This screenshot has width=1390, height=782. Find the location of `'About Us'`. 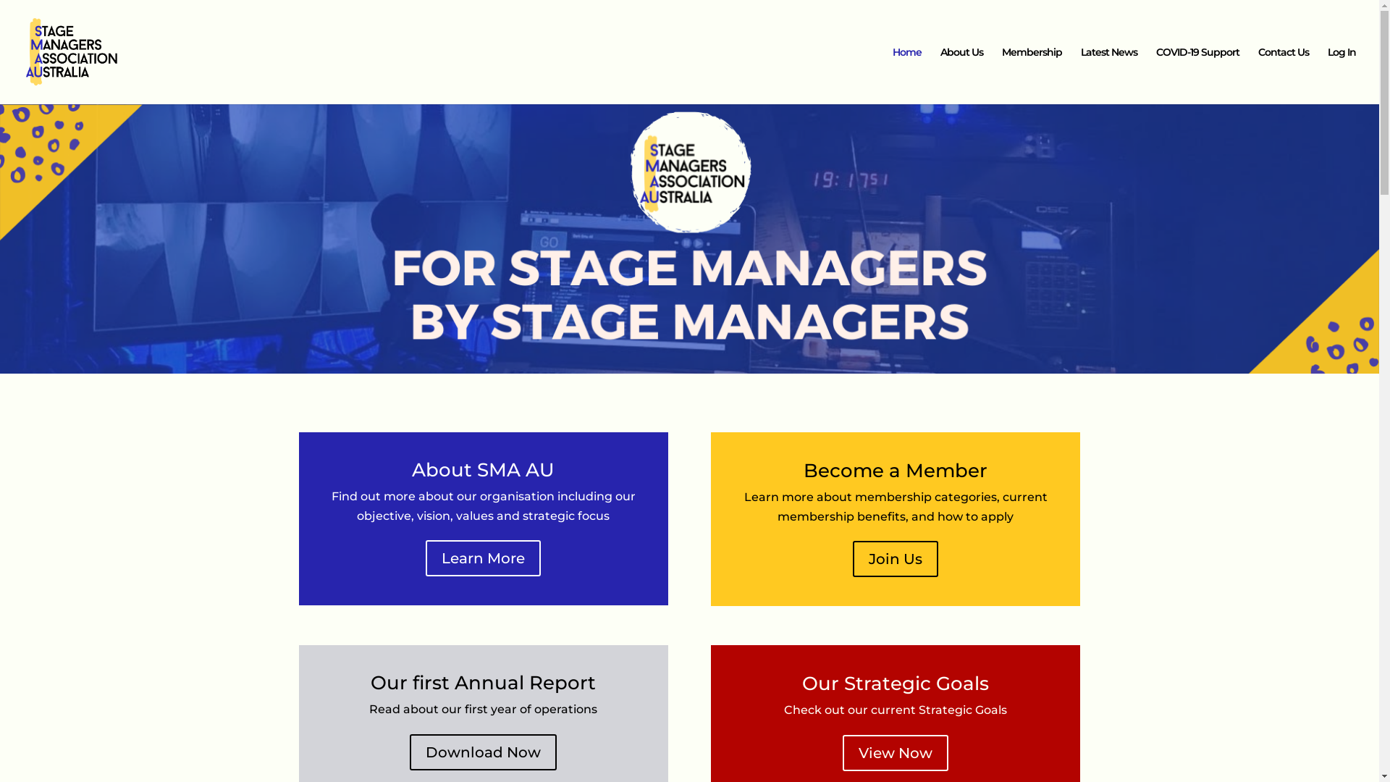

'About Us' is located at coordinates (961, 75).